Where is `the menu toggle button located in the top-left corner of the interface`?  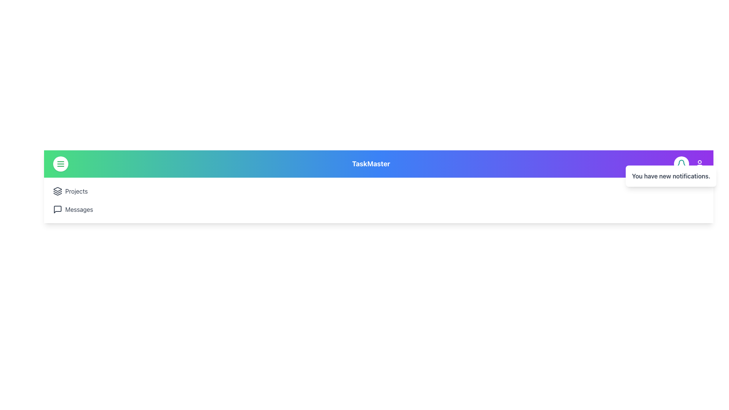
the menu toggle button located in the top-left corner of the interface is located at coordinates (60, 164).